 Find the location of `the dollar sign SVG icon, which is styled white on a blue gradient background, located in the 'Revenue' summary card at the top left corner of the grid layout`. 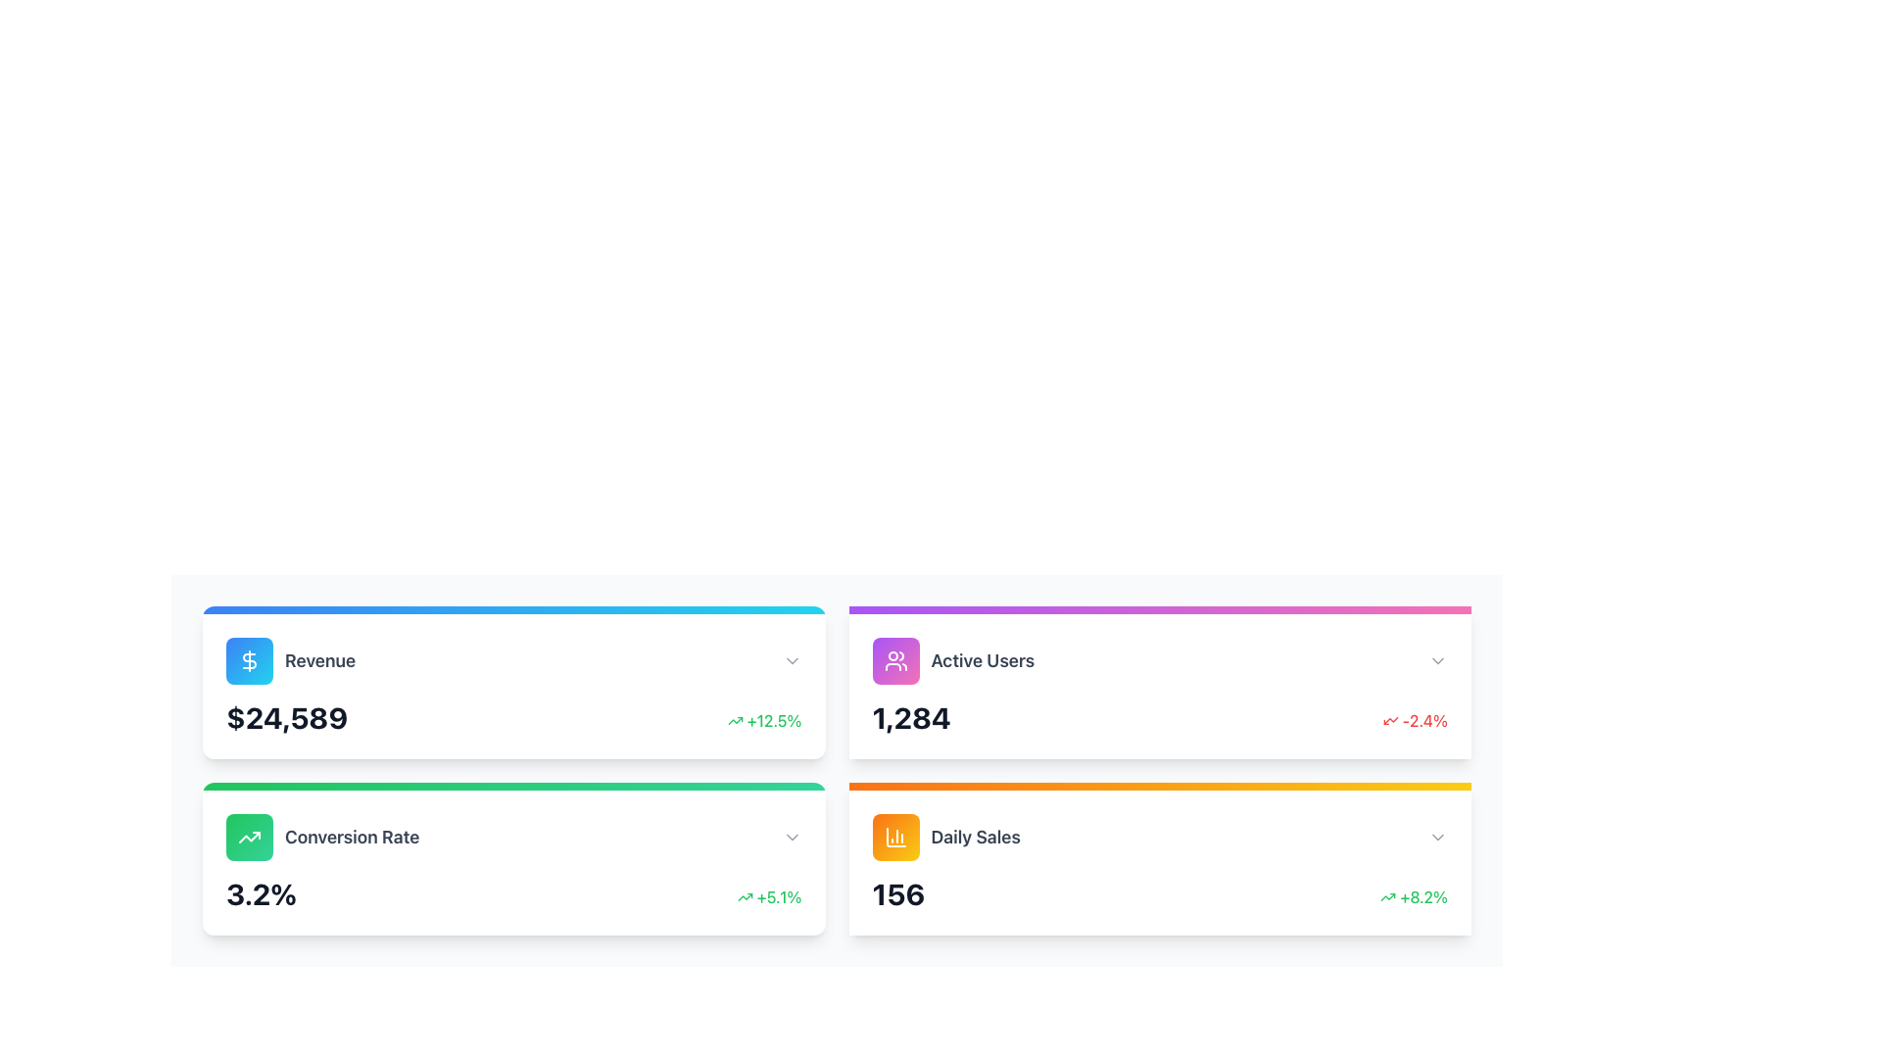

the dollar sign SVG icon, which is styled white on a blue gradient background, located in the 'Revenue' summary card at the top left corner of the grid layout is located at coordinates (248, 661).